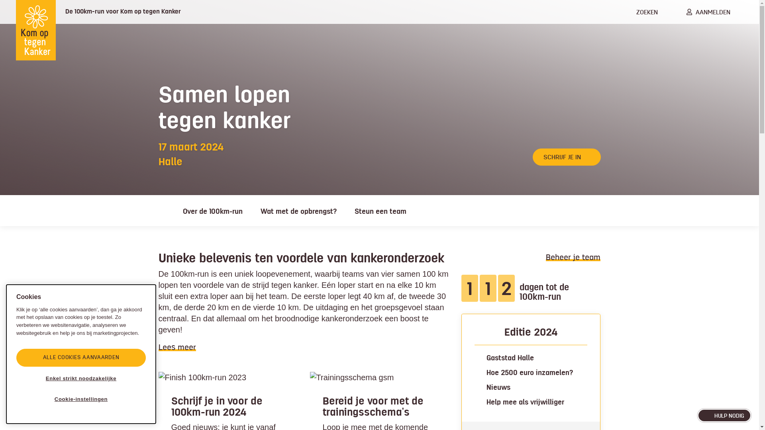 Image resolution: width=765 pixels, height=430 pixels. I want to click on 'Gaststad Halle', so click(509, 357).